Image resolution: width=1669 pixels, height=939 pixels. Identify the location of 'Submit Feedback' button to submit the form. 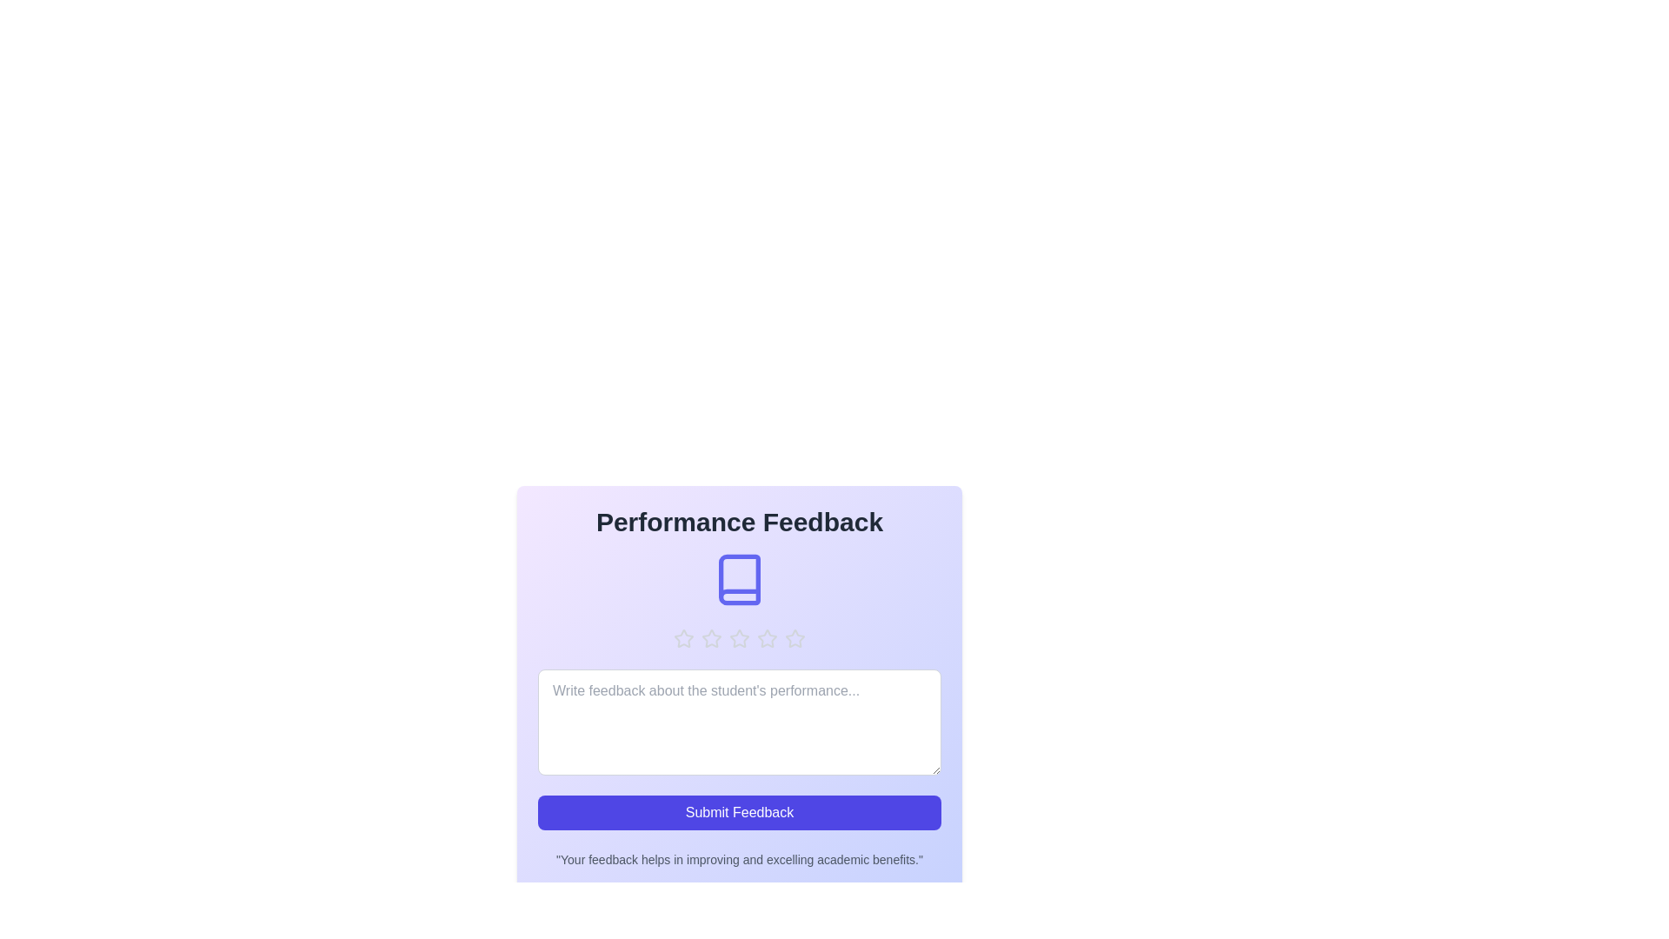
(739, 812).